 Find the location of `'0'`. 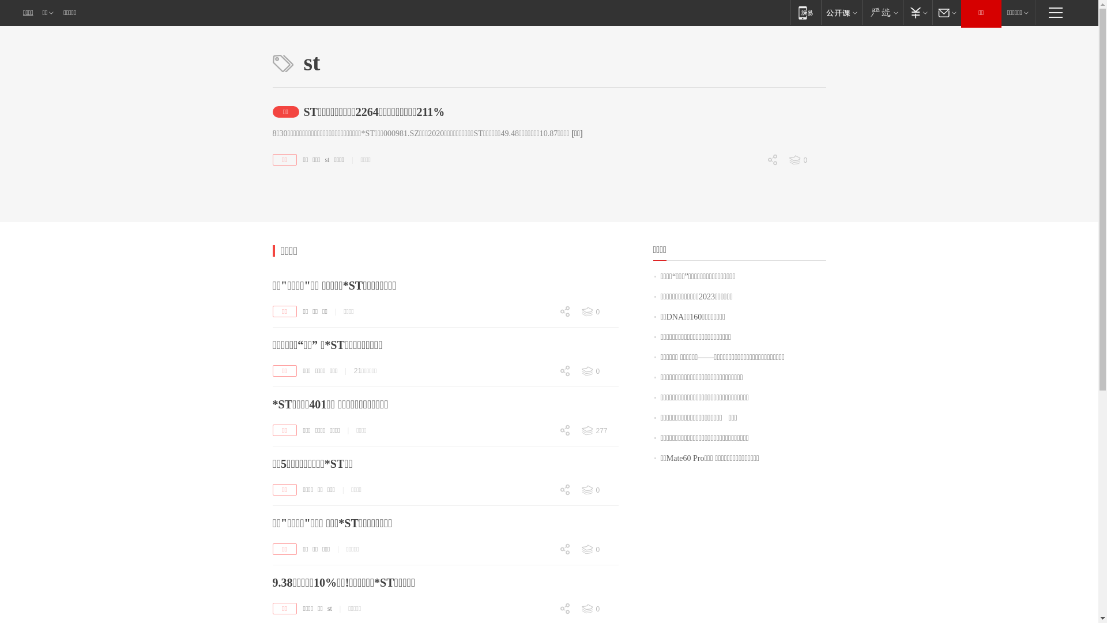

'0' is located at coordinates (541, 491).